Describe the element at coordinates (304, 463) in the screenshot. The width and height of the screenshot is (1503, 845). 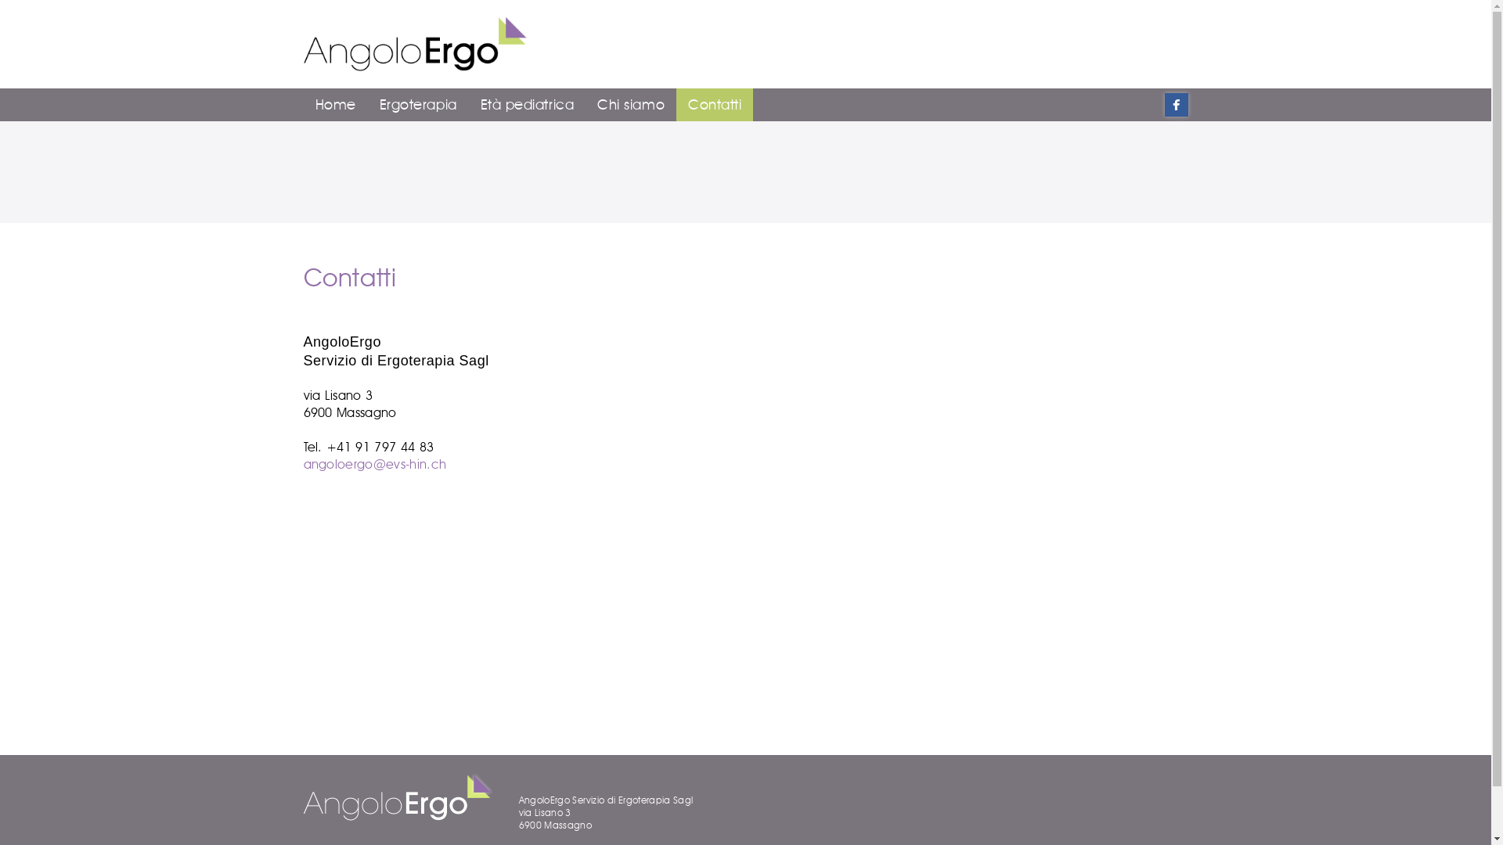
I see `'angoloergo@evs-hin.ch'` at that location.